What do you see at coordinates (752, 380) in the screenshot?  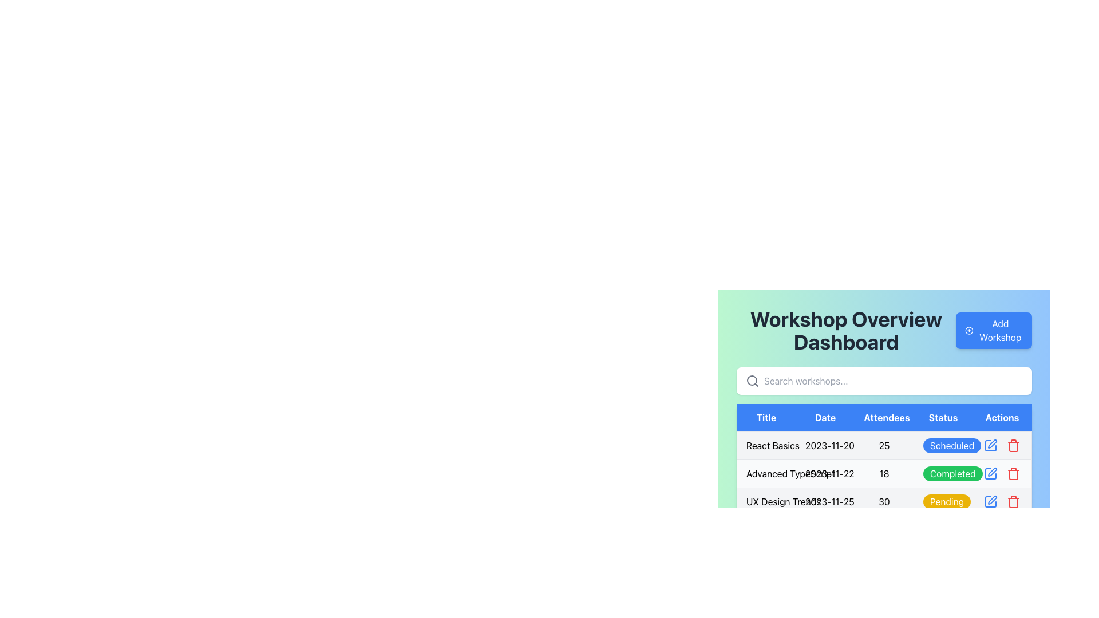 I see `the central circular shape of the magnifying glass icon located to the left of the 'Search workshops...' text in the search bar below the 'Workshop Overview Dashboard' header` at bounding box center [752, 380].